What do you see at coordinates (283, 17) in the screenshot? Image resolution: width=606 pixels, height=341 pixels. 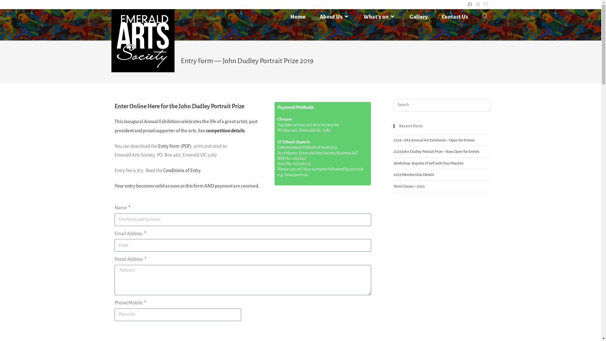 I see `'Home'` at bounding box center [283, 17].